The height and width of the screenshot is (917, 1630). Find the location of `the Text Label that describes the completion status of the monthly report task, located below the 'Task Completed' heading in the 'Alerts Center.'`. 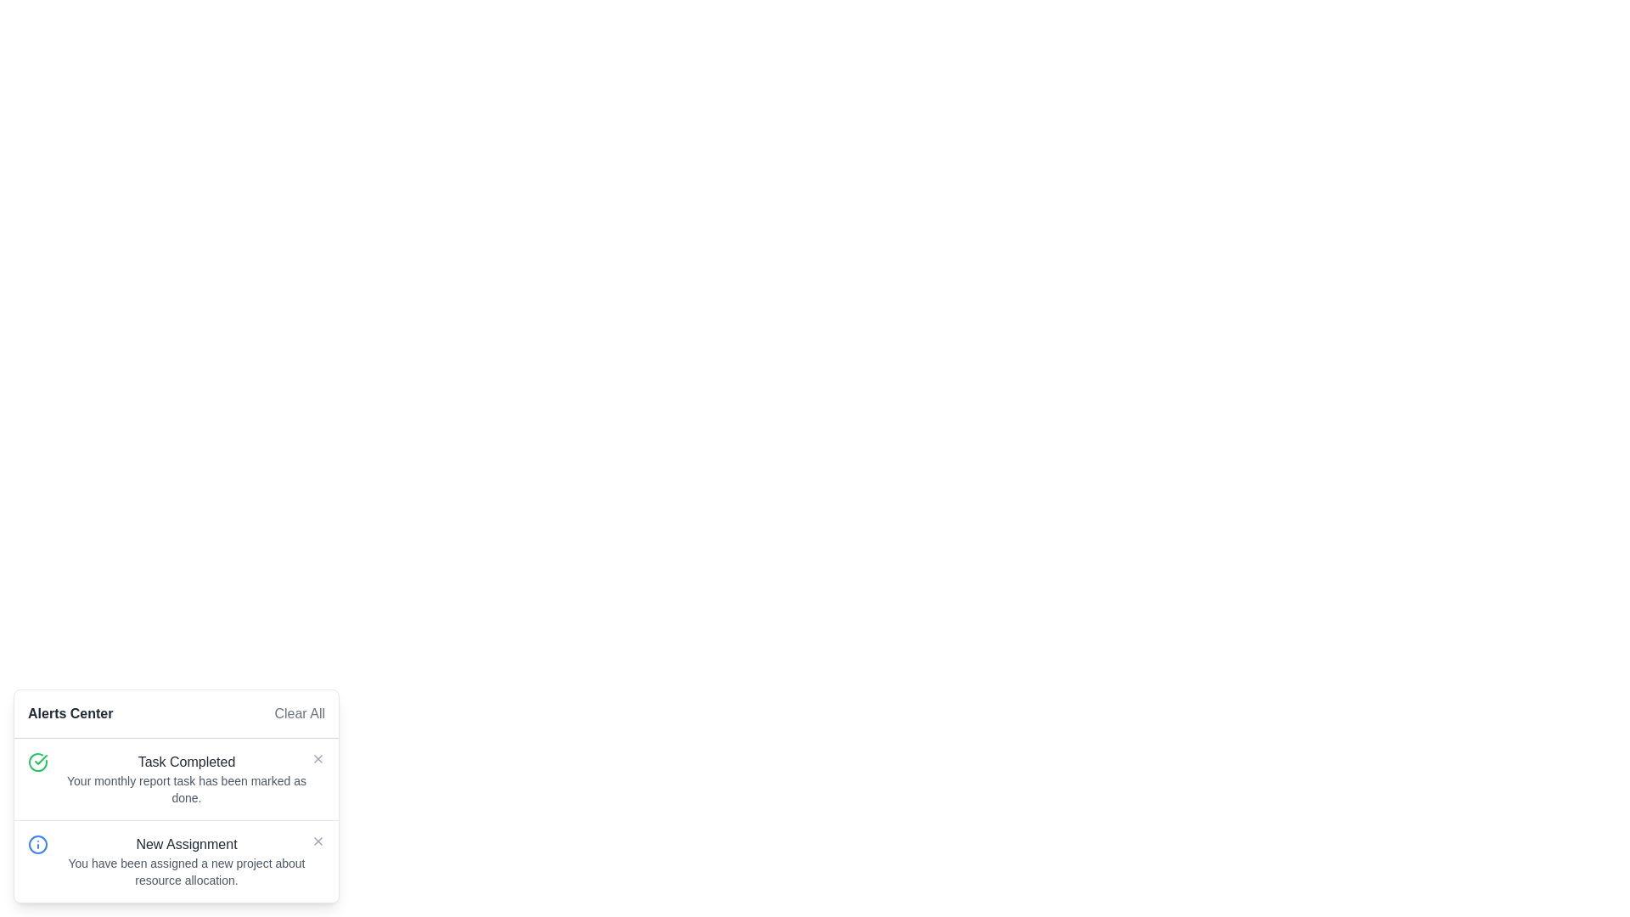

the Text Label that describes the completion status of the monthly report task, located below the 'Task Completed' heading in the 'Alerts Center.' is located at coordinates (187, 789).